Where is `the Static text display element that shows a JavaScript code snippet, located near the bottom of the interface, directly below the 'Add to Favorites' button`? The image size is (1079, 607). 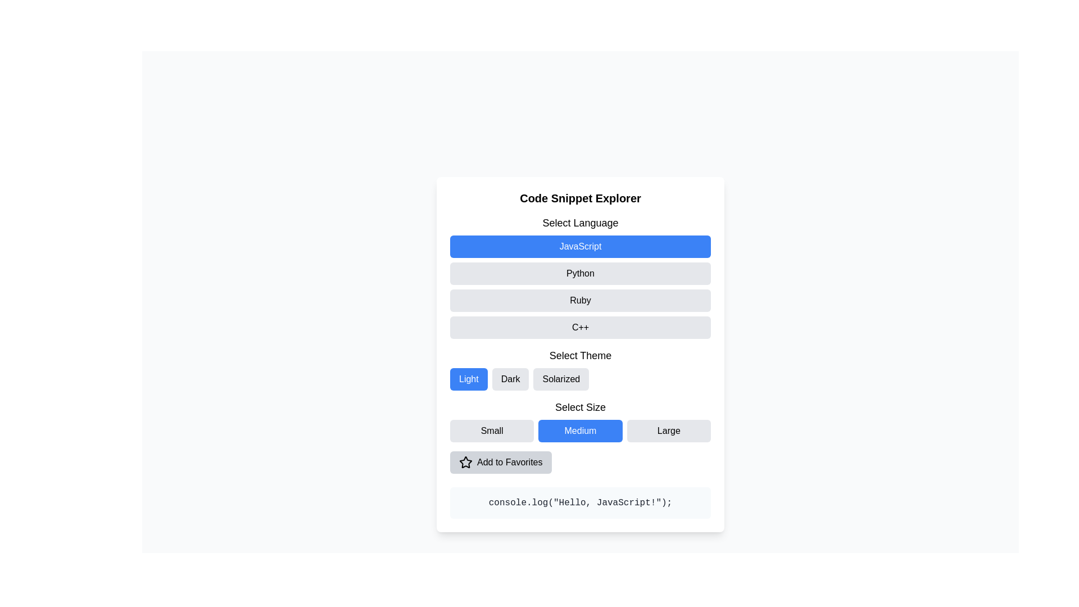
the Static text display element that shows a JavaScript code snippet, located near the bottom of the interface, directly below the 'Add to Favorites' button is located at coordinates (580, 502).